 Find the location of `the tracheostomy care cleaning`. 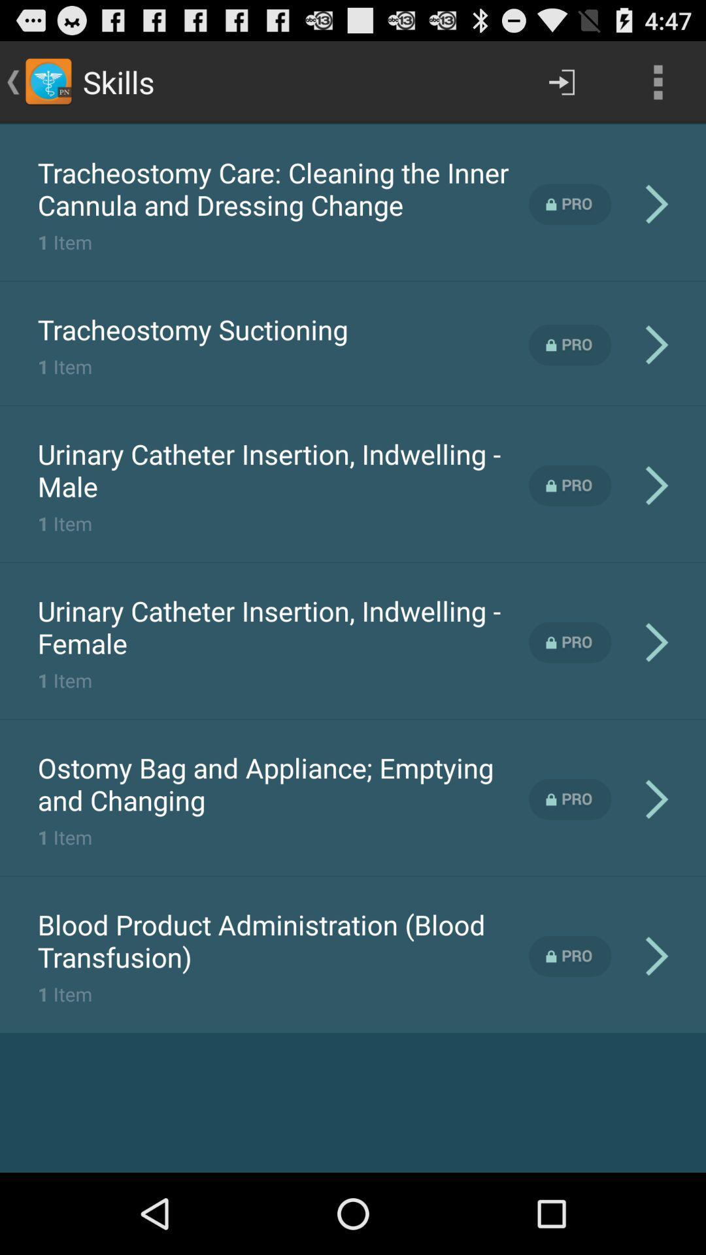

the tracheostomy care cleaning is located at coordinates (282, 188).